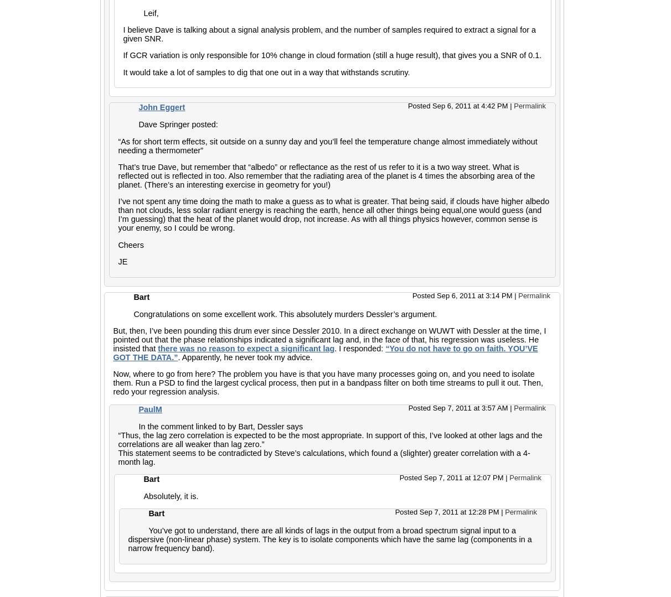 The width and height of the screenshot is (671, 597). What do you see at coordinates (333, 214) in the screenshot?
I see `'I’ve not spent any time doing the math to make a guess as to what is greater. That being said, if clouds have higher albedo than not clouds, less solar radiant energy is reaching the earth, hence all other things being equal,one would guess (and I’m guessing) that the heat of the planet would drop, not increase. As with all things physics however, common sense is your enemy, so I could be wrong.'` at bounding box center [333, 214].